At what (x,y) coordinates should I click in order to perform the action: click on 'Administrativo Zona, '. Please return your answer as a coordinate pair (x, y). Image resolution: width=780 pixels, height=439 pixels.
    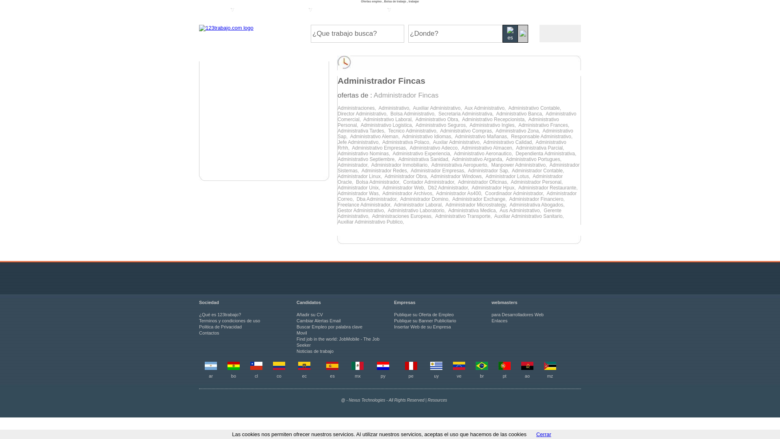
    Looking at the image, I should click on (518, 130).